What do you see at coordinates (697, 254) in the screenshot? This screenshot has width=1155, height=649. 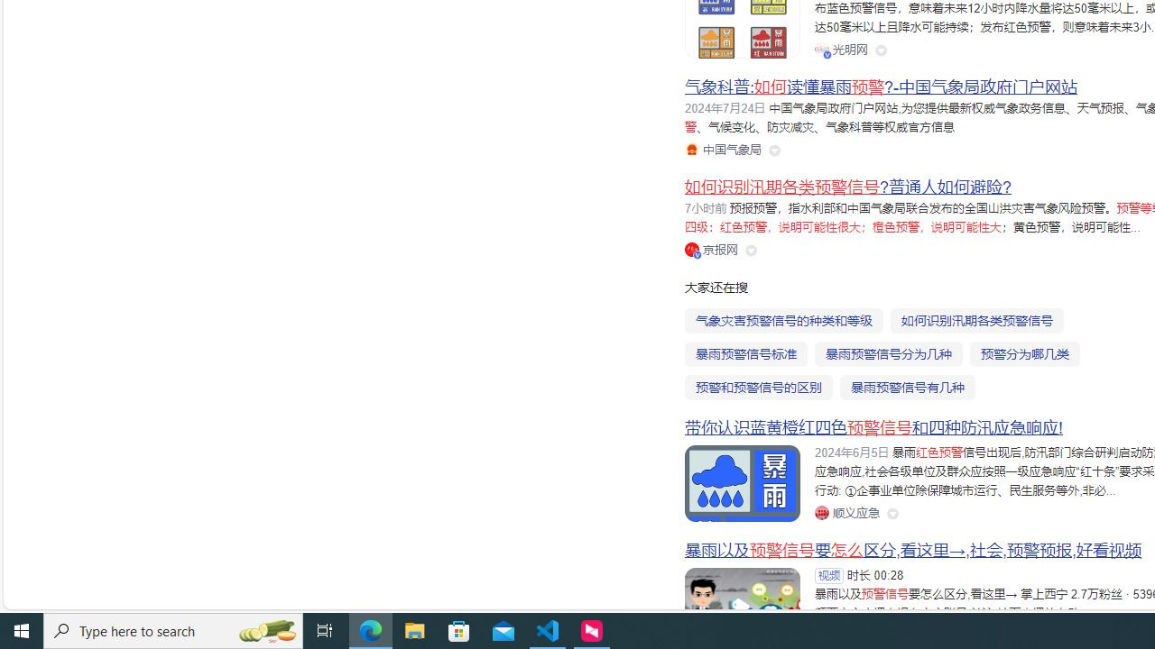 I see `'Class: vip-icon_kNmNt'` at bounding box center [697, 254].